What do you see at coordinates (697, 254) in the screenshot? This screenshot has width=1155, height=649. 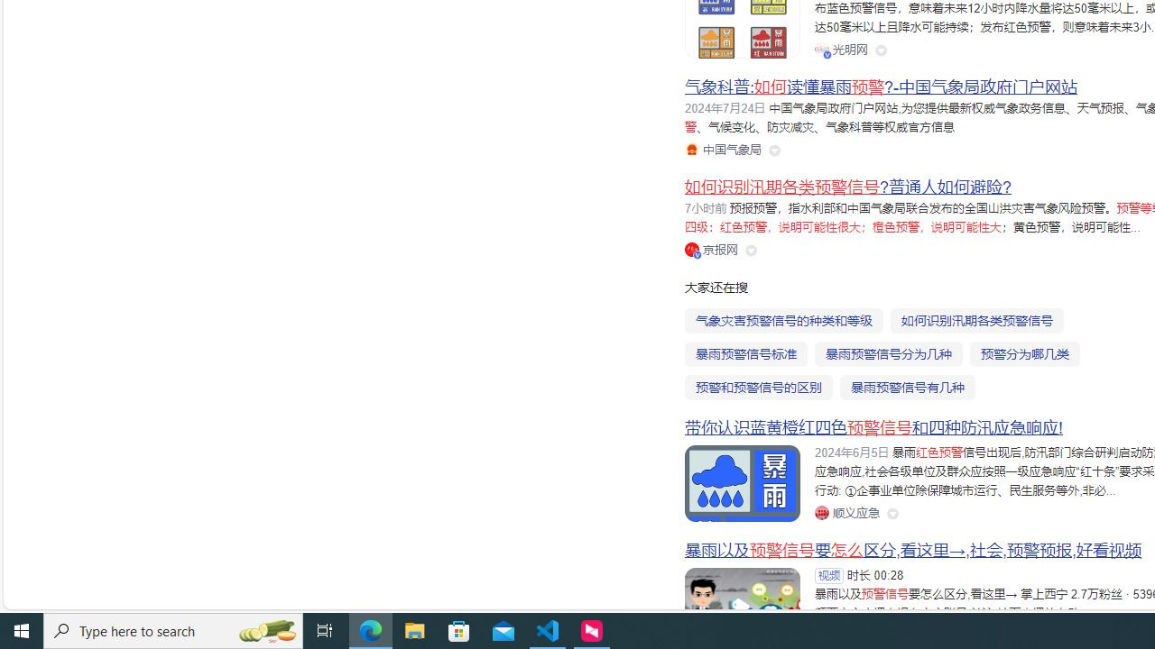 I see `'Class: vip-icon_kNmNt'` at bounding box center [697, 254].